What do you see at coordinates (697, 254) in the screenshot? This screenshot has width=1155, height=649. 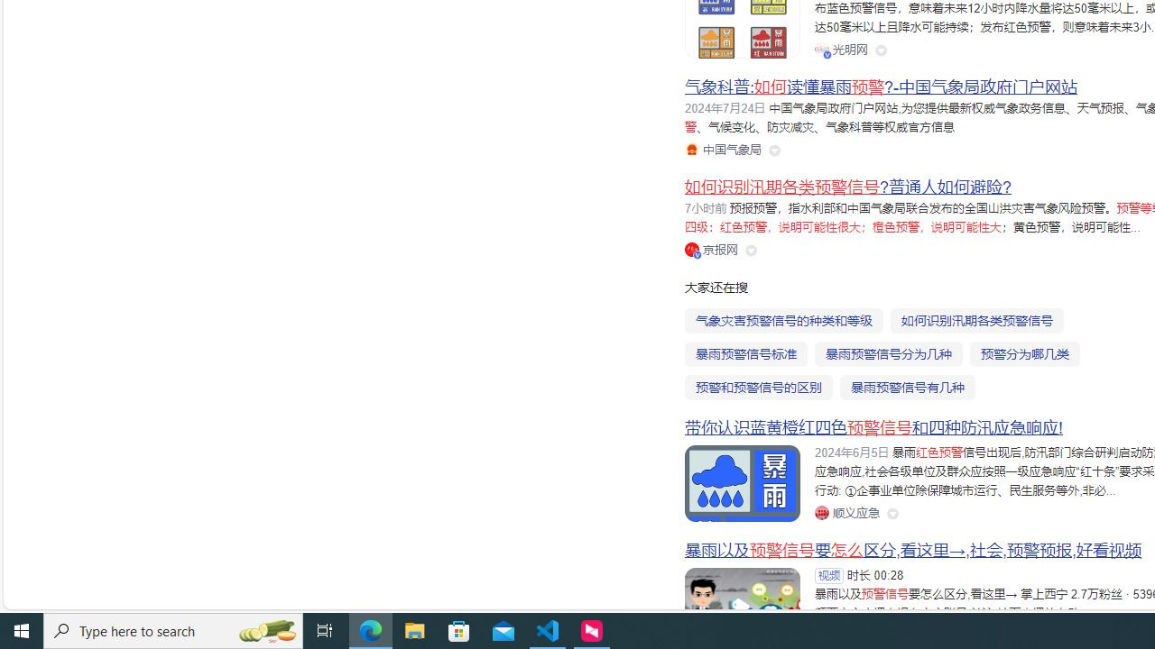 I see `'Class: vip-icon_kNmNt'` at bounding box center [697, 254].